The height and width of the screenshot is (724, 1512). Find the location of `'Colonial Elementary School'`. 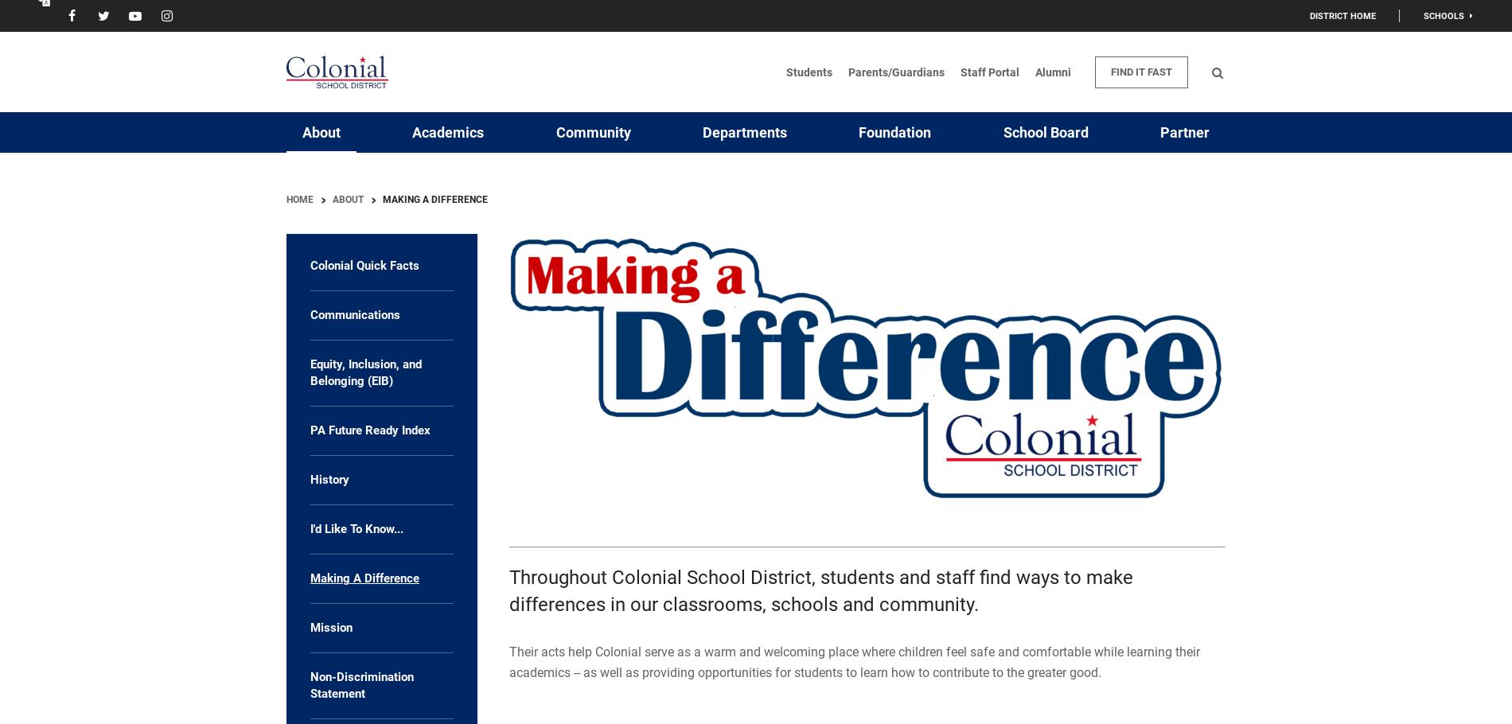

'Colonial Elementary School' is located at coordinates (1311, 195).